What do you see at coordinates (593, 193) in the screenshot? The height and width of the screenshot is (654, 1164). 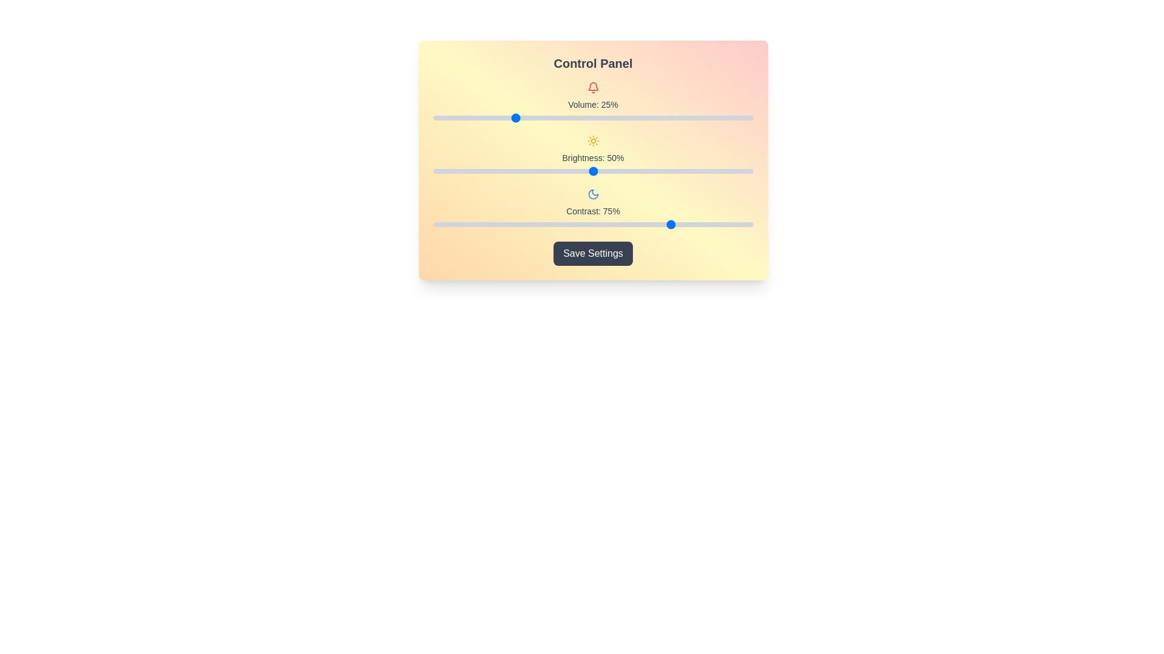 I see `the moon icon located in the 'Contrast' section of the control panel, which serves as a visual indicator for contrast level` at bounding box center [593, 193].